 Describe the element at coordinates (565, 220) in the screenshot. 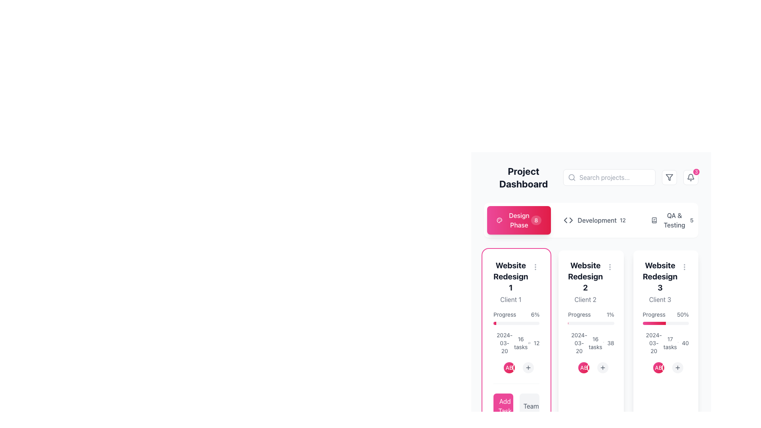

I see `the leftward-pointing arrow in the SVG graphic element` at that location.